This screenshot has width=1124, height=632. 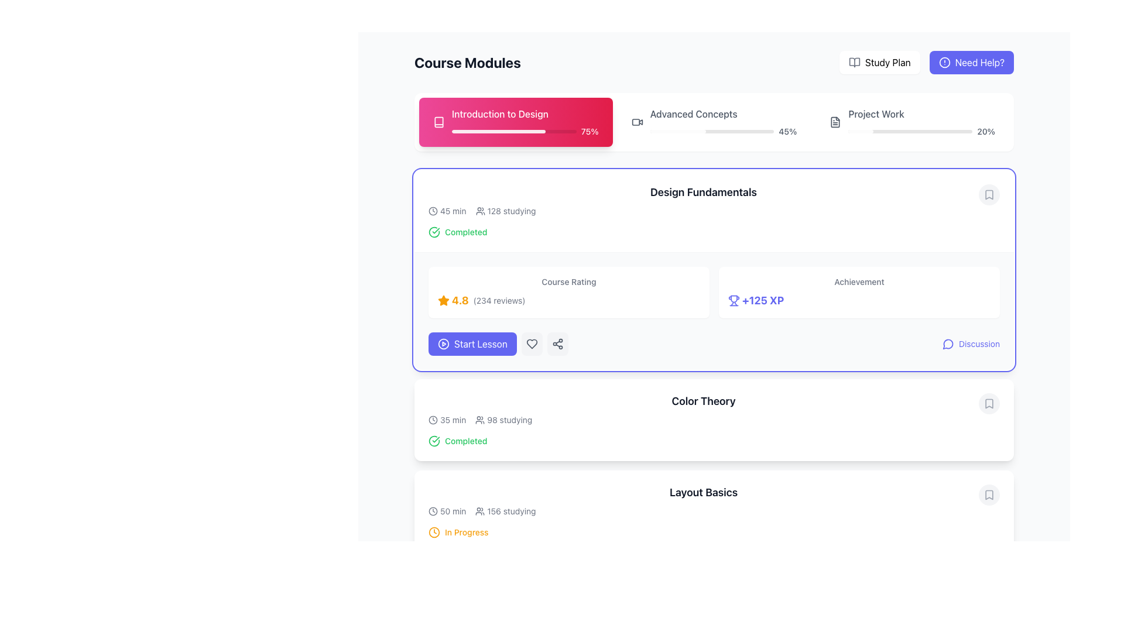 I want to click on the 'Need Help?' button, which is a rectangular button with rounded corners, styled in bold indigo with white text and an icon, located at the top-right area of the interface adjacent to the 'Study Plan' button, so click(x=971, y=63).